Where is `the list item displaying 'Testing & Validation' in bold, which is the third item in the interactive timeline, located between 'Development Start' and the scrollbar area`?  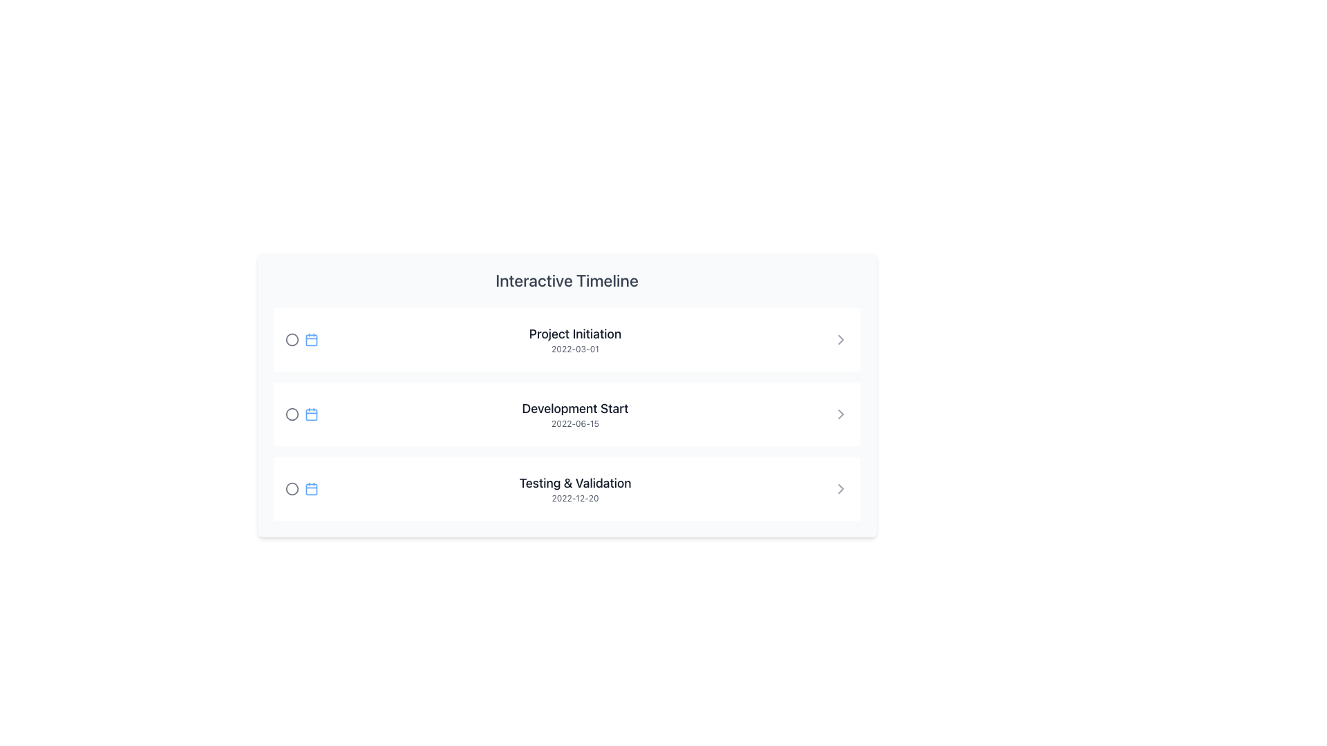
the list item displaying 'Testing & Validation' in bold, which is the third item in the interactive timeline, located between 'Development Start' and the scrollbar area is located at coordinates (567, 488).